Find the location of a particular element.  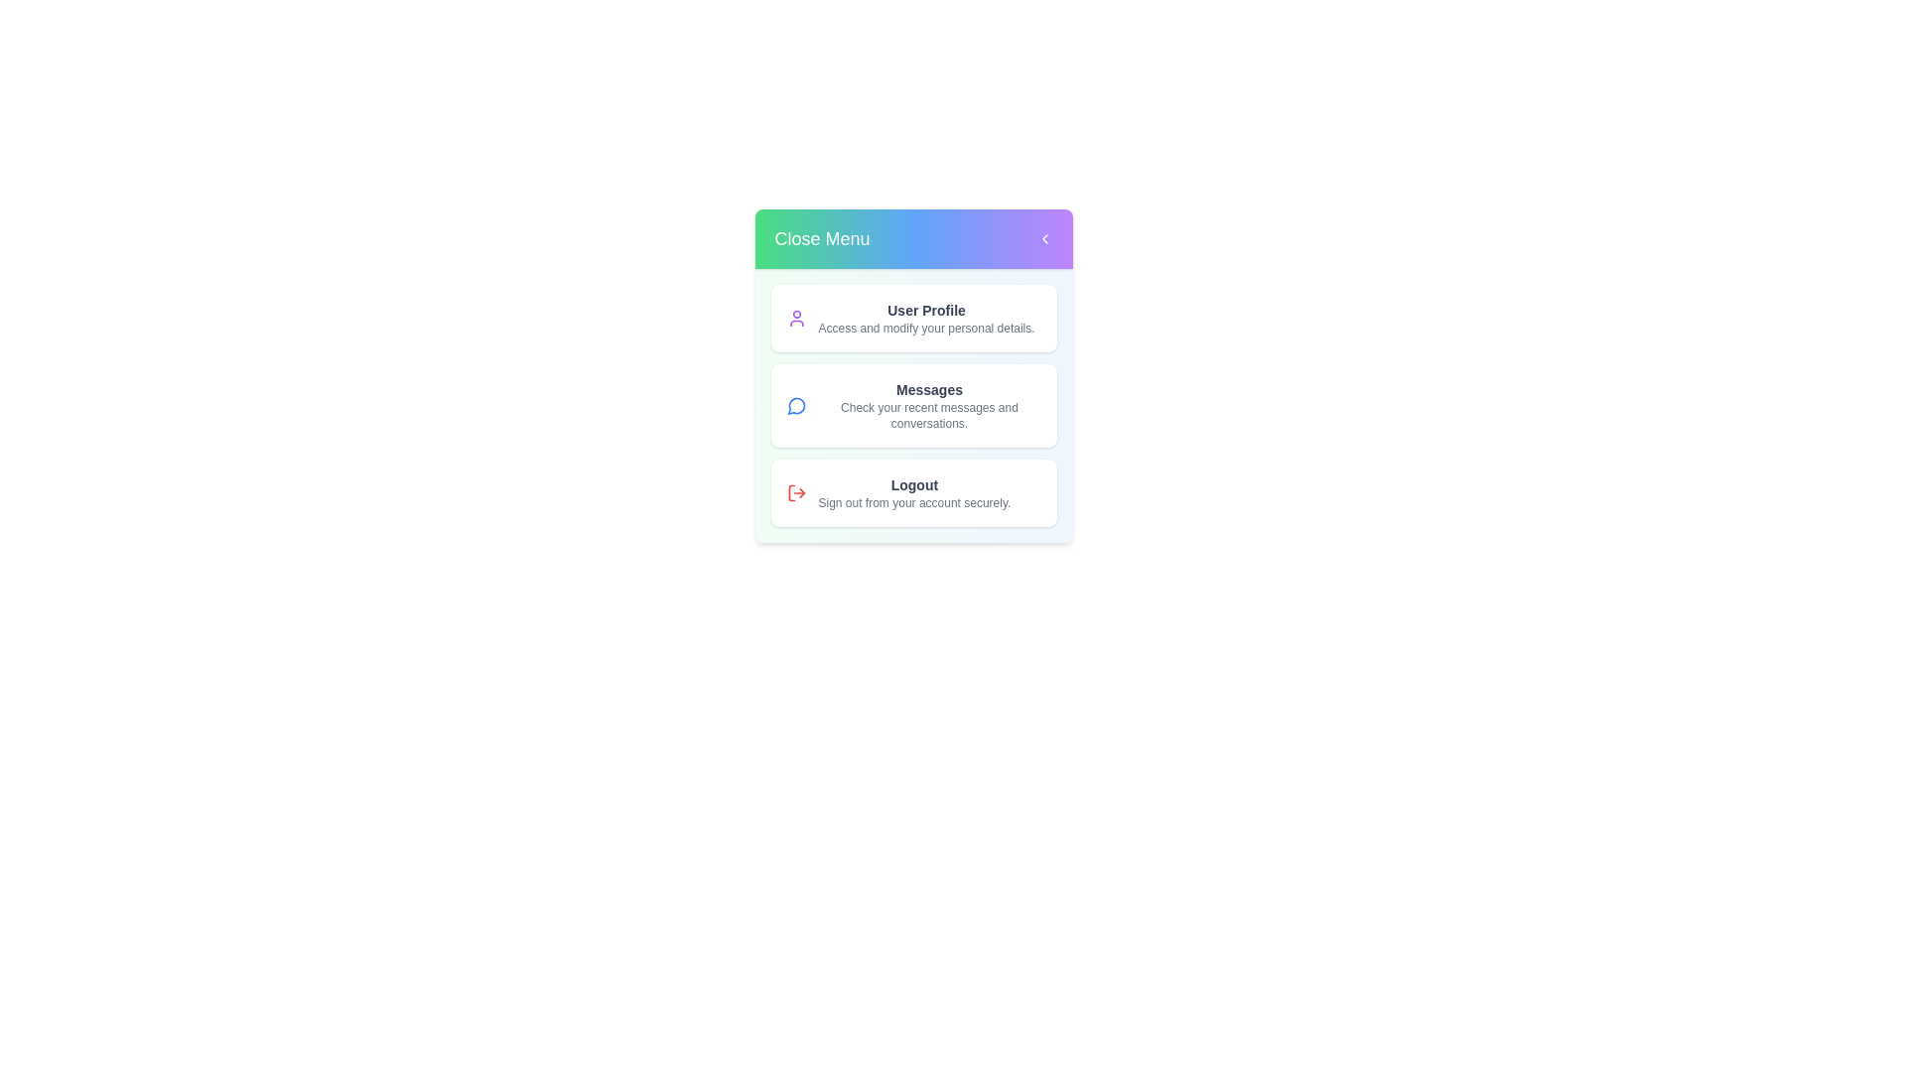

the menu item labeled 'Logout' to read its details is located at coordinates (912, 492).